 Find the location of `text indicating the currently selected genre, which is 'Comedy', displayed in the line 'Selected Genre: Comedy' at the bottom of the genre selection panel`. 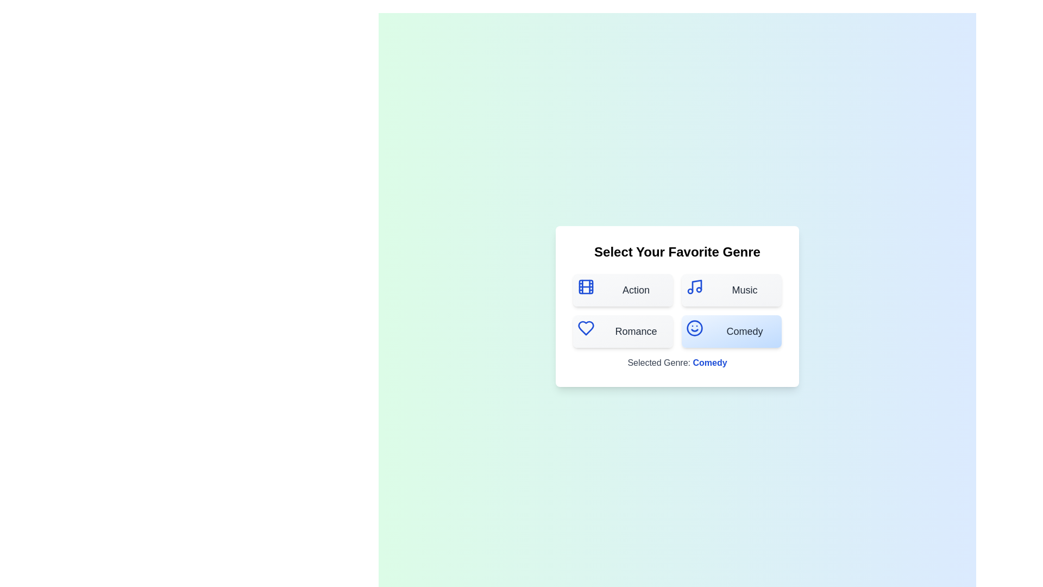

text indicating the currently selected genre, which is 'Comedy', displayed in the line 'Selected Genre: Comedy' at the bottom of the genre selection panel is located at coordinates (709, 363).